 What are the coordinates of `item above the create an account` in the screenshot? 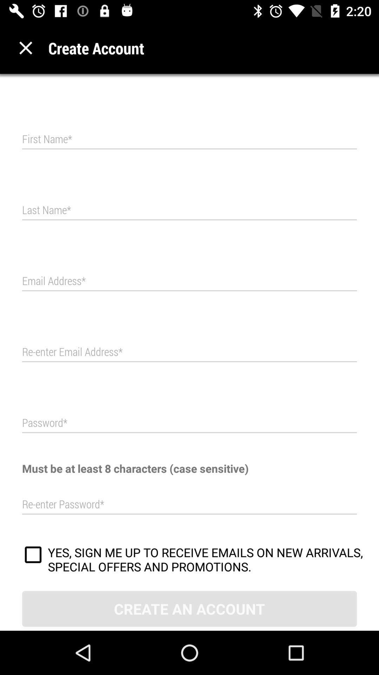 It's located at (33, 555).